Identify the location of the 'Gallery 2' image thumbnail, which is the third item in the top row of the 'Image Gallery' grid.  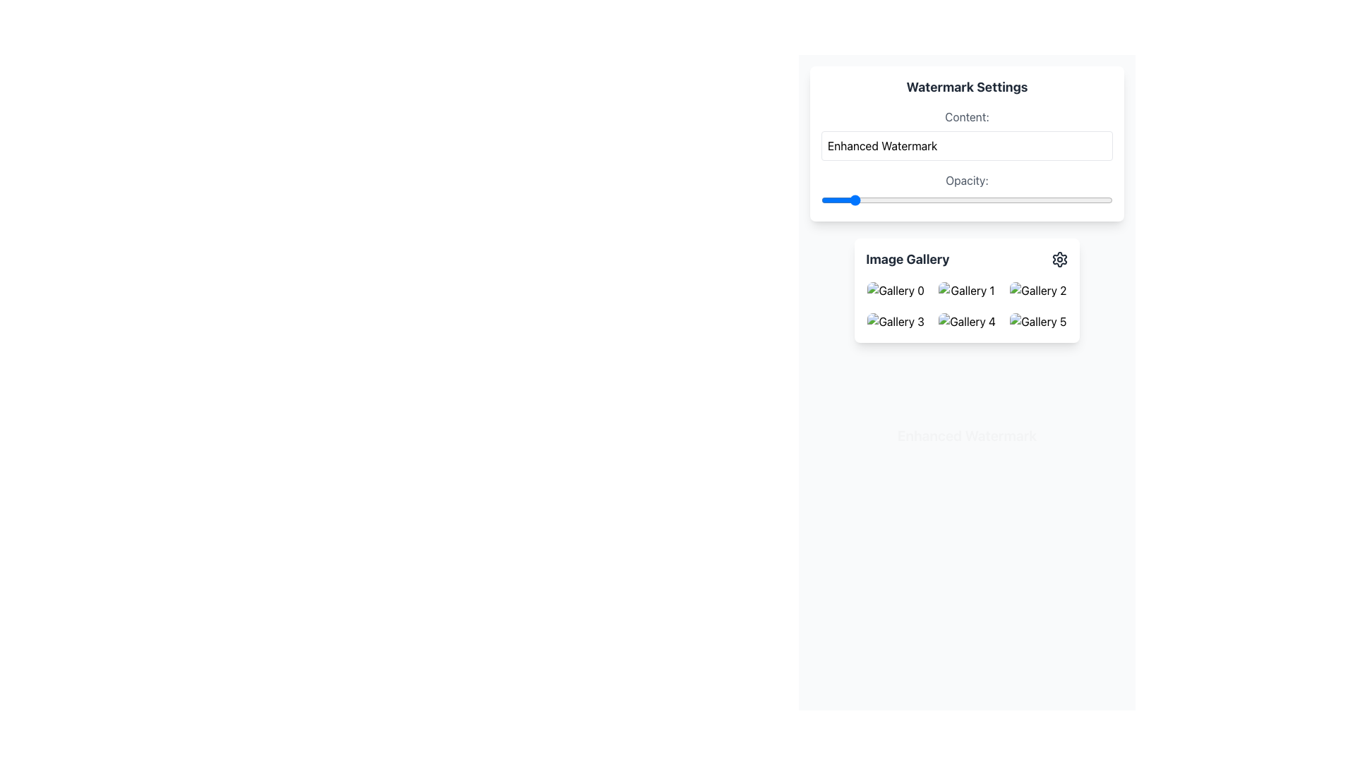
(1038, 290).